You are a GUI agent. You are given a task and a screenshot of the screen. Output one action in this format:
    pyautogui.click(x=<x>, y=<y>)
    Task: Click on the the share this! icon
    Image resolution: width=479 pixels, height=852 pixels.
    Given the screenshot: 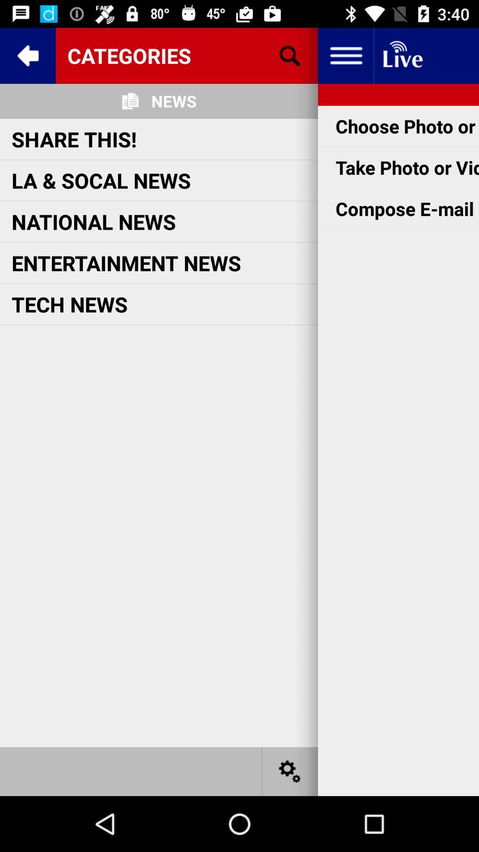 What is the action you would take?
    pyautogui.click(x=74, y=138)
    